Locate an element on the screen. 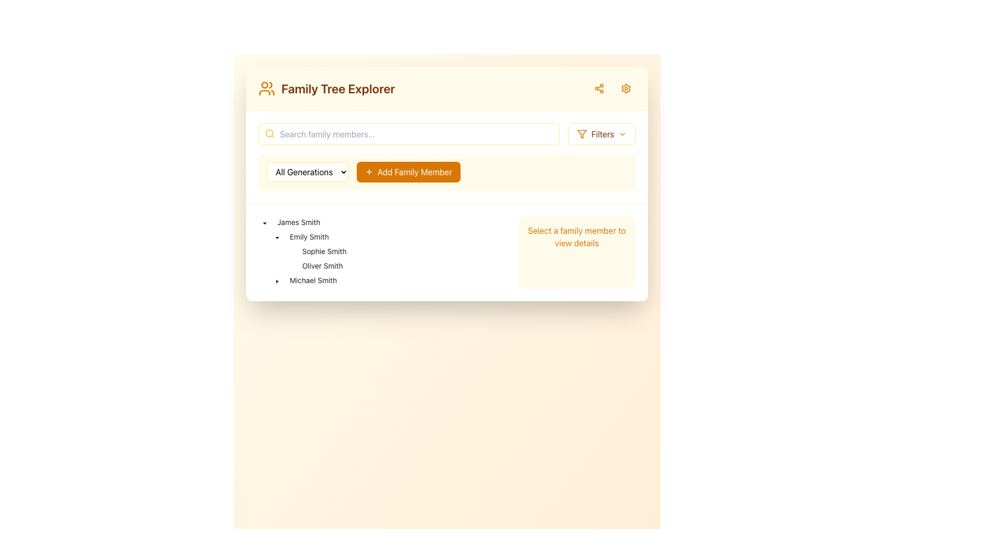 The width and height of the screenshot is (997, 560). the label indicating the family member 'Michael Smith' in the Family Tree Explorer under Emily Smith is located at coordinates (313, 280).